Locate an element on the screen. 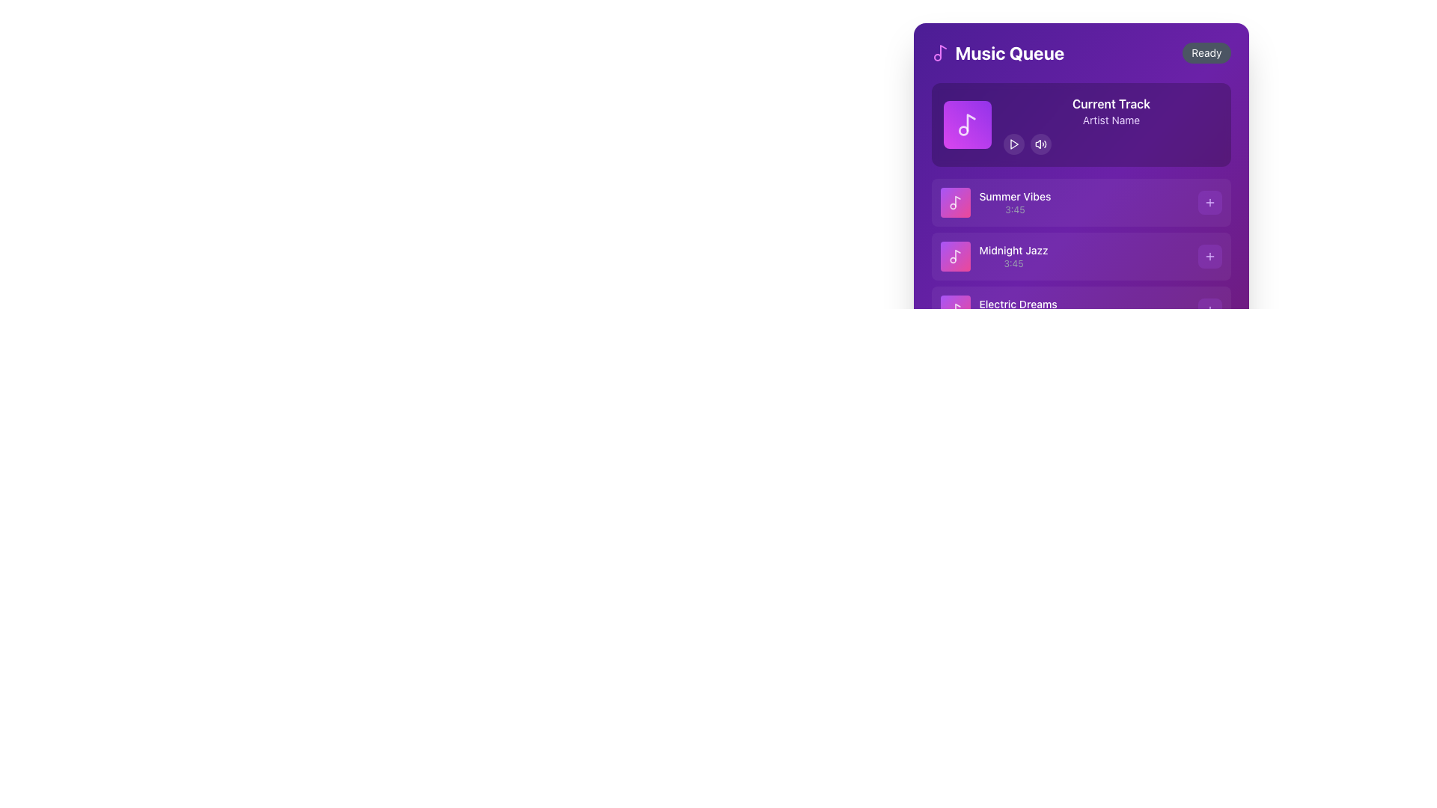  the interactive button located on the far right side of the card titled 'Electric Dreams' in the music queue interface for accessibility navigation is located at coordinates (1209, 310).